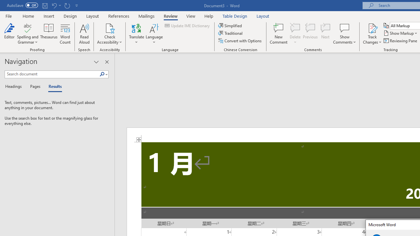  I want to click on 'Show Comments', so click(344, 34).